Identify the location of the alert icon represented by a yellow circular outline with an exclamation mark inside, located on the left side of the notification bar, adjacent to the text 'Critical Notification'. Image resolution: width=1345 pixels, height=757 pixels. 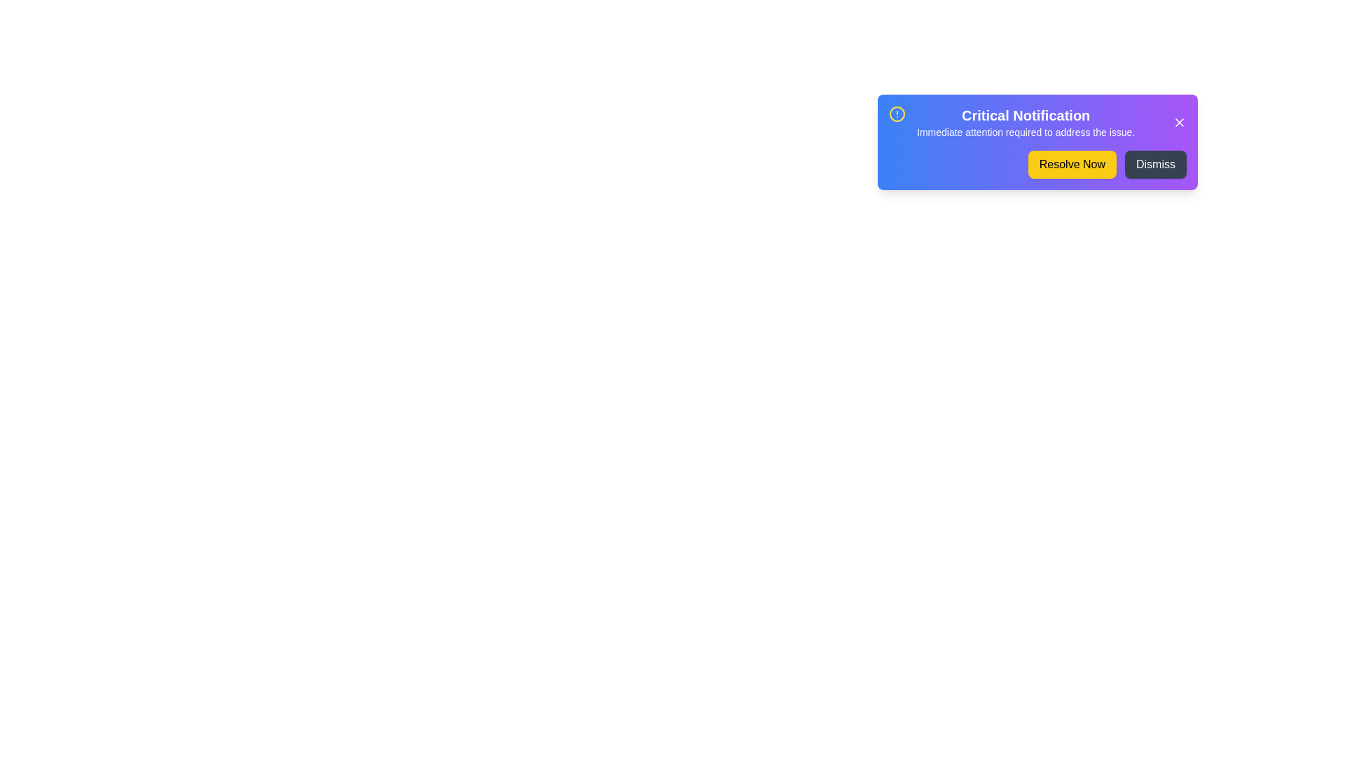
(897, 113).